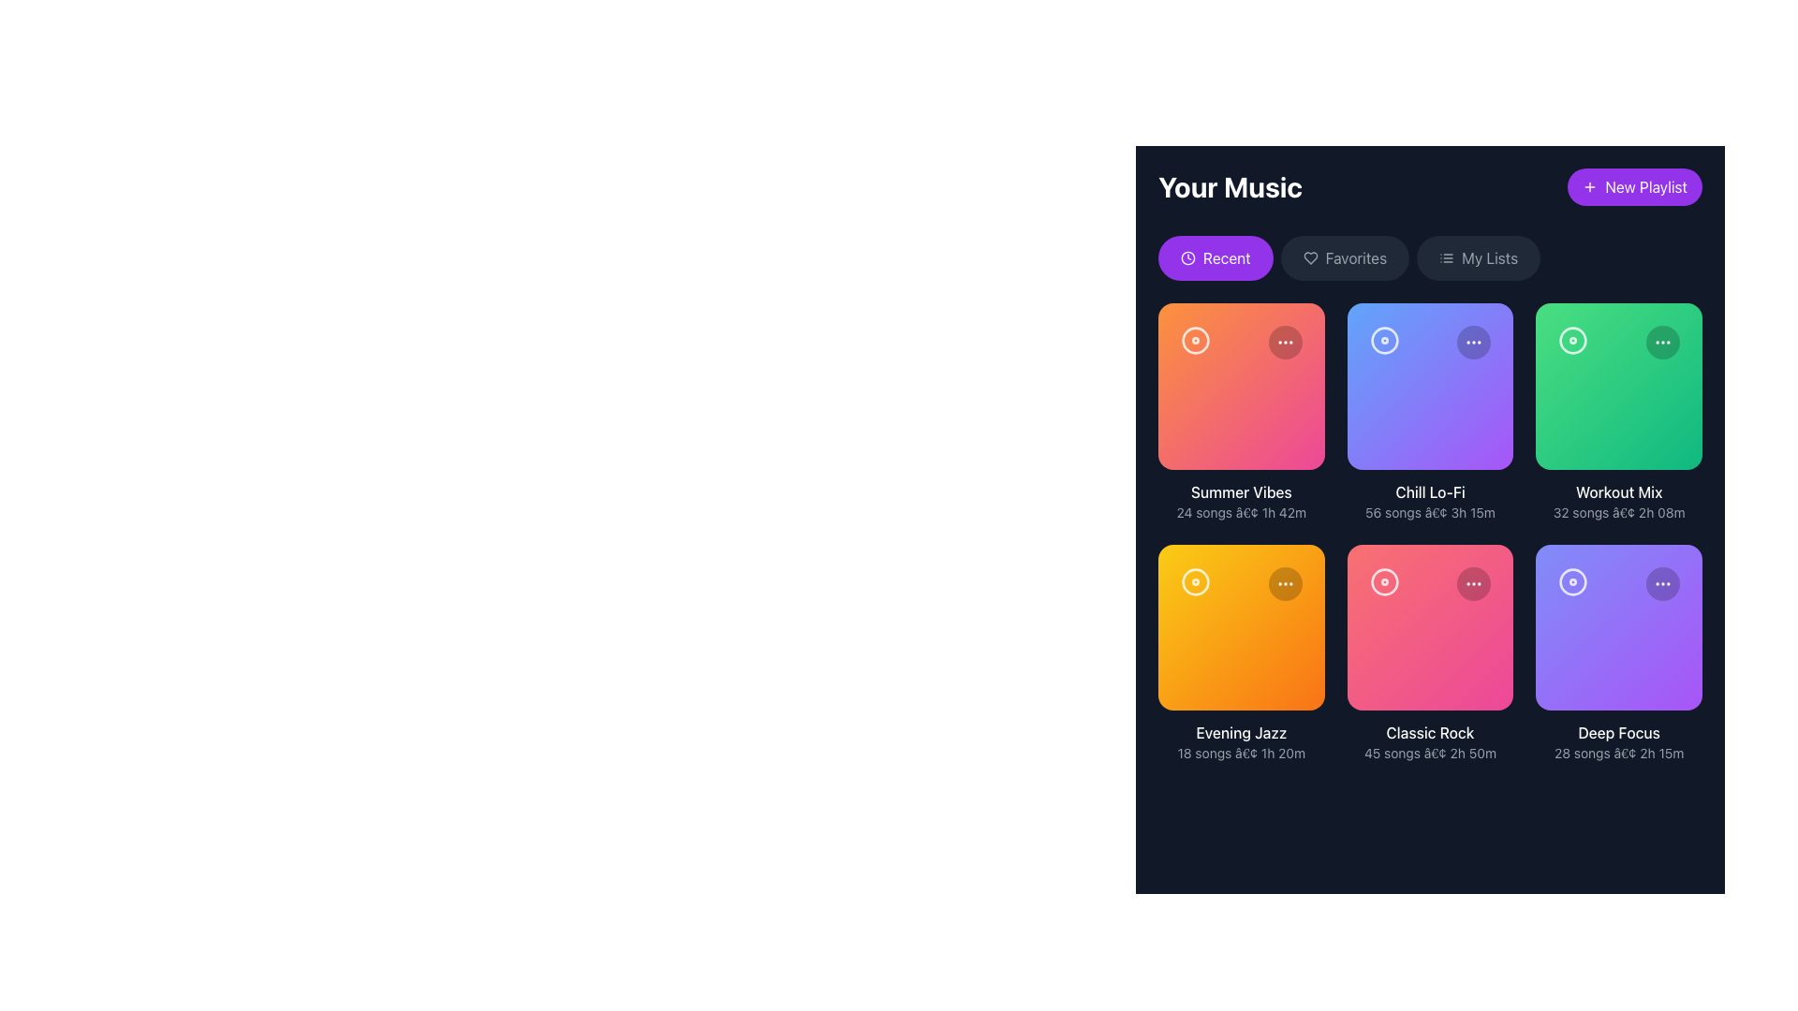  What do you see at coordinates (1618, 512) in the screenshot?
I see `the text label displaying '32 songs • 2h 08m' located below the 'Workout Mix' title in the playlist card grid` at bounding box center [1618, 512].